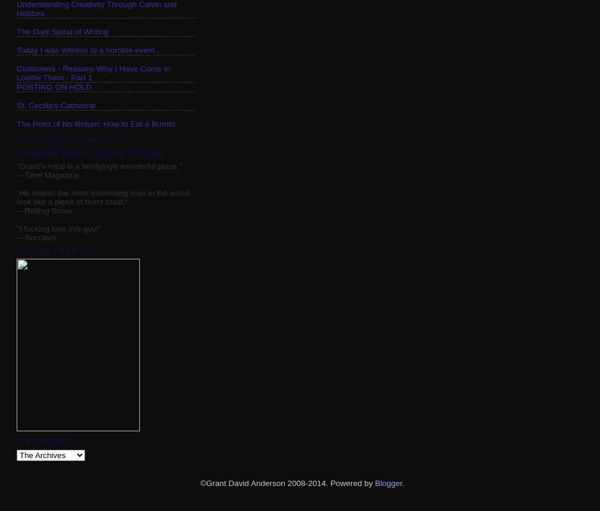 The width and height of the screenshot is (600, 511). What do you see at coordinates (17, 152) in the screenshot?
I see `'Somehow This All Seems To Work'` at bounding box center [17, 152].